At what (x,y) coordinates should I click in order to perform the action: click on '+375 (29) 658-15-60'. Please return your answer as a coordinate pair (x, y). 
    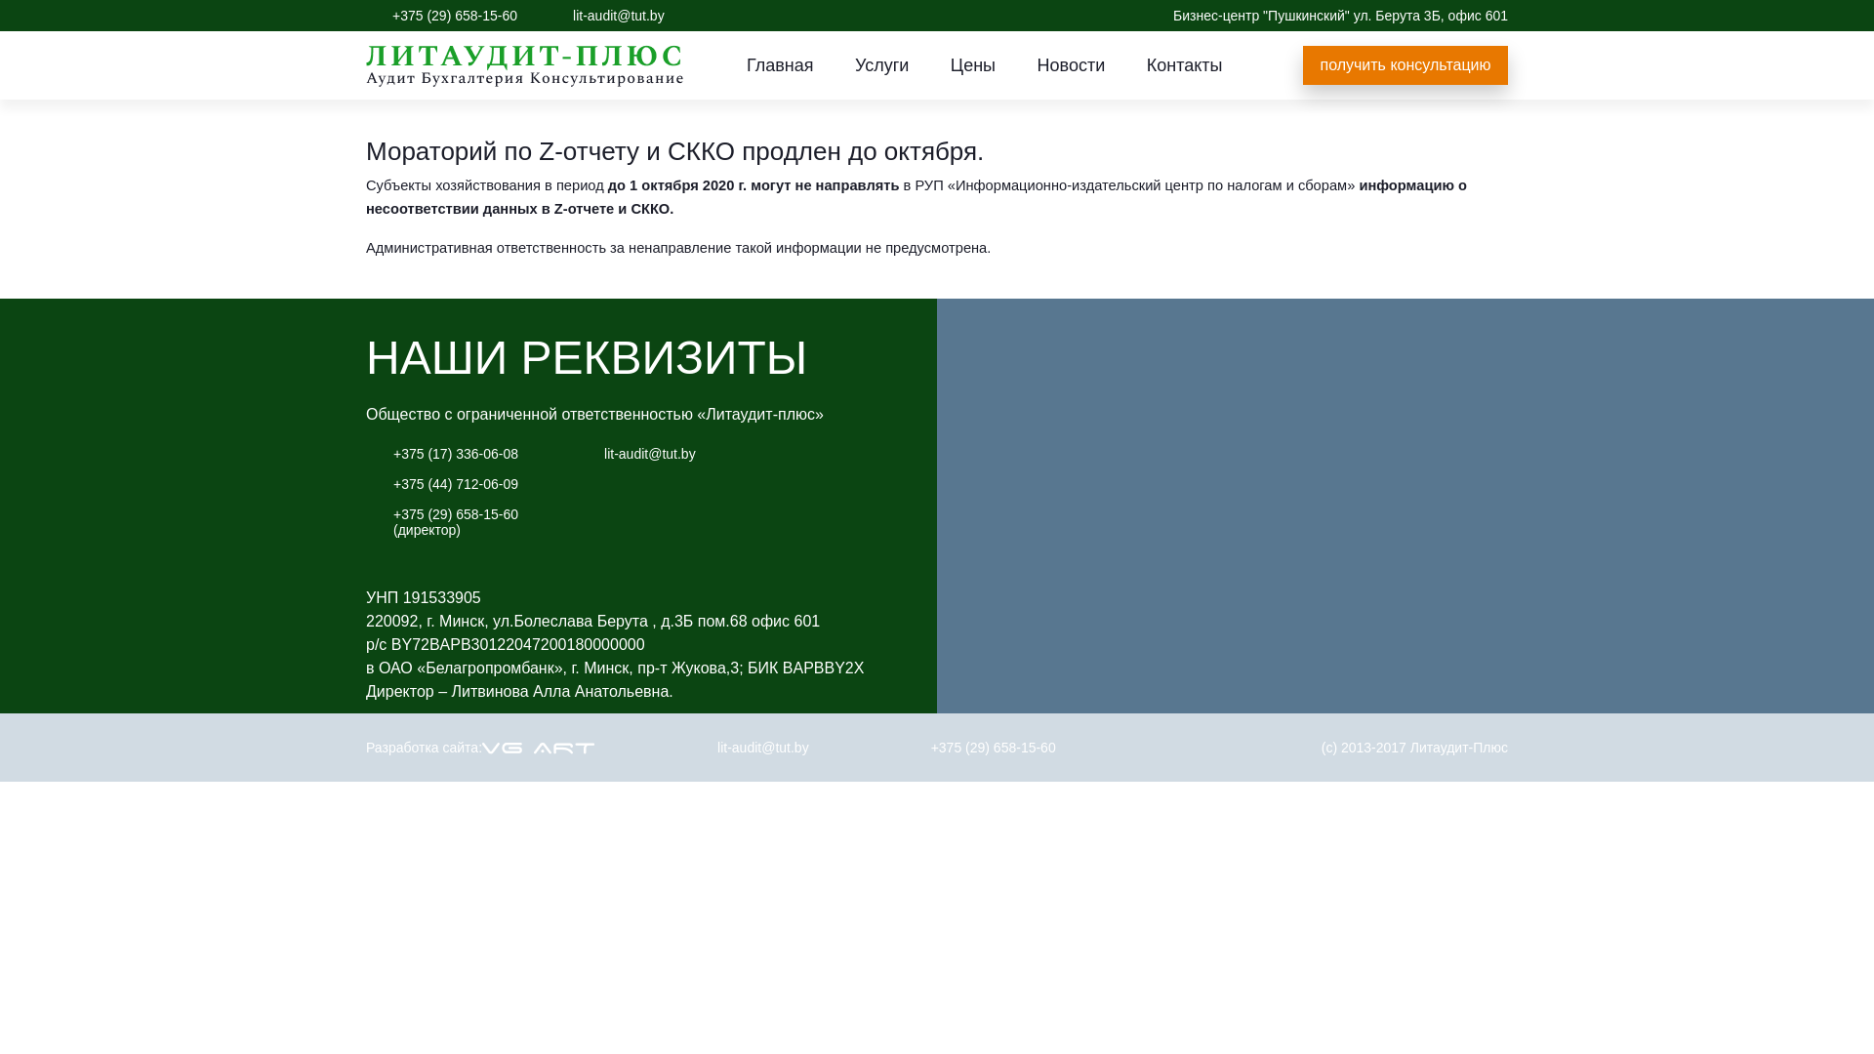
    Looking at the image, I should click on (391, 15).